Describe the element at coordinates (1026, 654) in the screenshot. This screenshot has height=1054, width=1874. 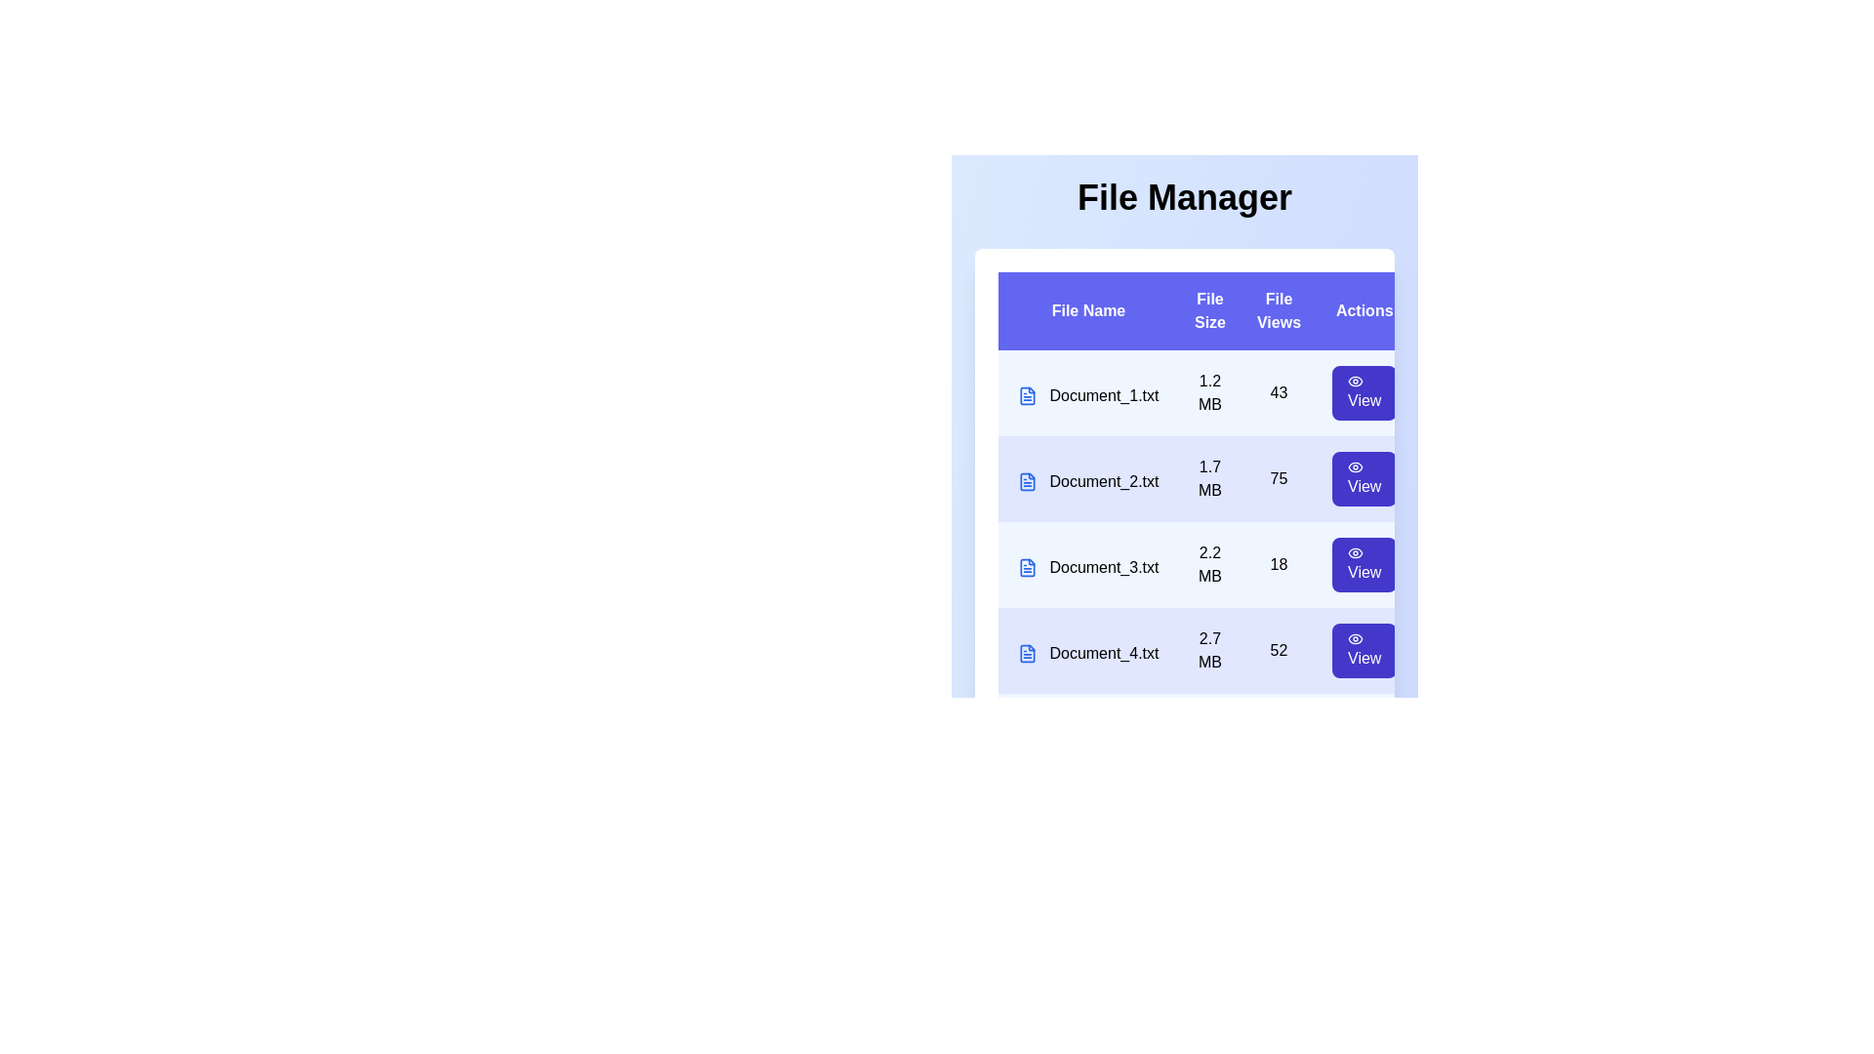
I see `the file icon corresponding to Document_4.txt` at that location.